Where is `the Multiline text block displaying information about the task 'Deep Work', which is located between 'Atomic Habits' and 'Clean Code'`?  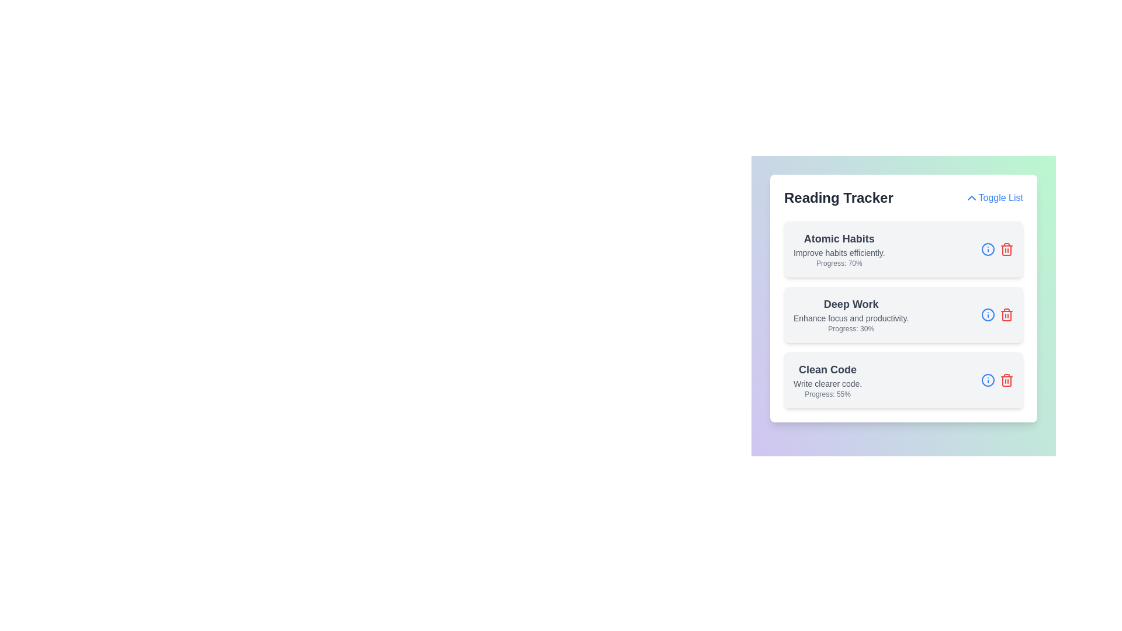
the Multiline text block displaying information about the task 'Deep Work', which is located between 'Atomic Habits' and 'Clean Code' is located at coordinates (851, 314).